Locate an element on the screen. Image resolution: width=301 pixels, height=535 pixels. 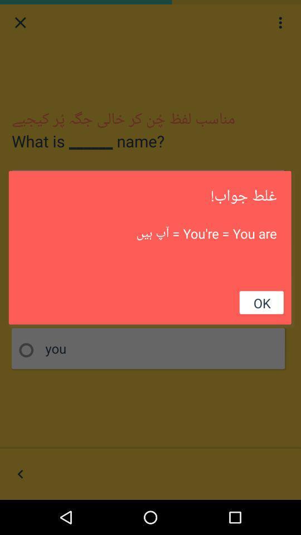
the close icon is located at coordinates (20, 23).